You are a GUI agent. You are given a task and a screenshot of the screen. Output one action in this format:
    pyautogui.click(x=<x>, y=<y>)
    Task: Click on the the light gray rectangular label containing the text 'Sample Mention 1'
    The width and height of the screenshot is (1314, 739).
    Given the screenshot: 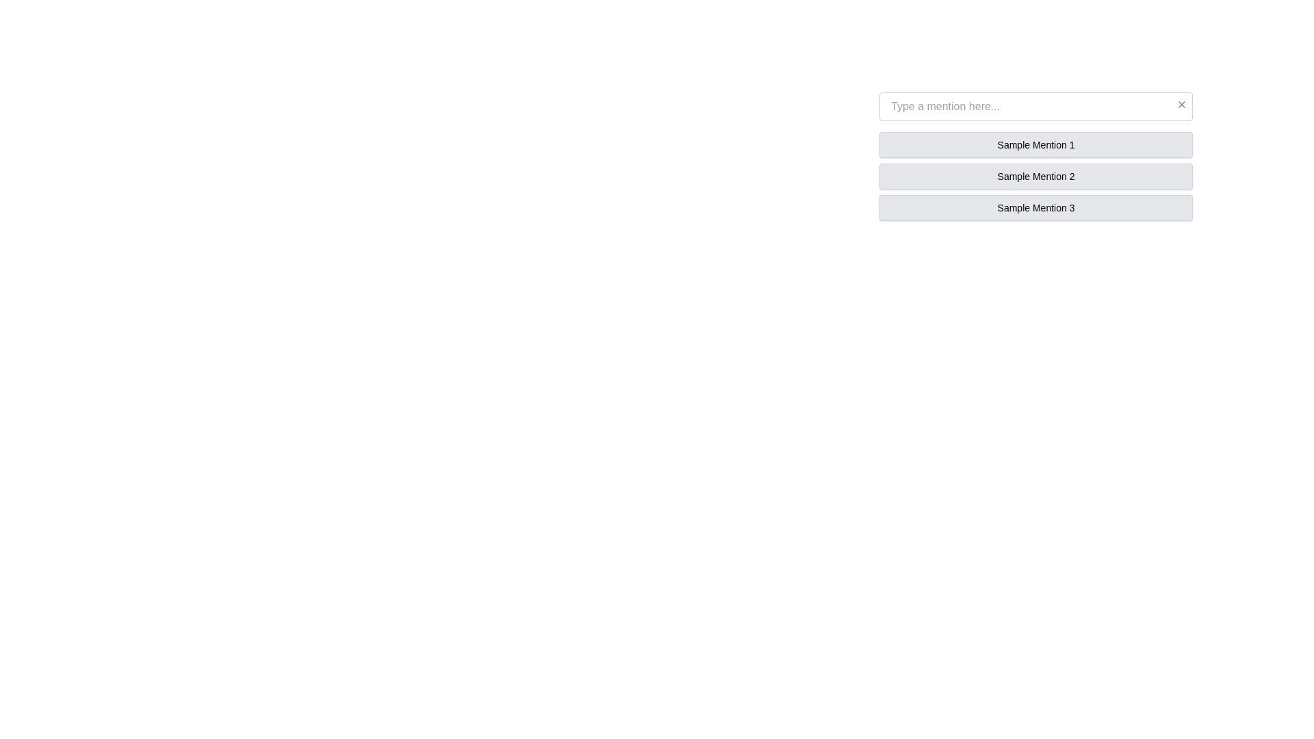 What is the action you would take?
    pyautogui.click(x=1035, y=145)
    